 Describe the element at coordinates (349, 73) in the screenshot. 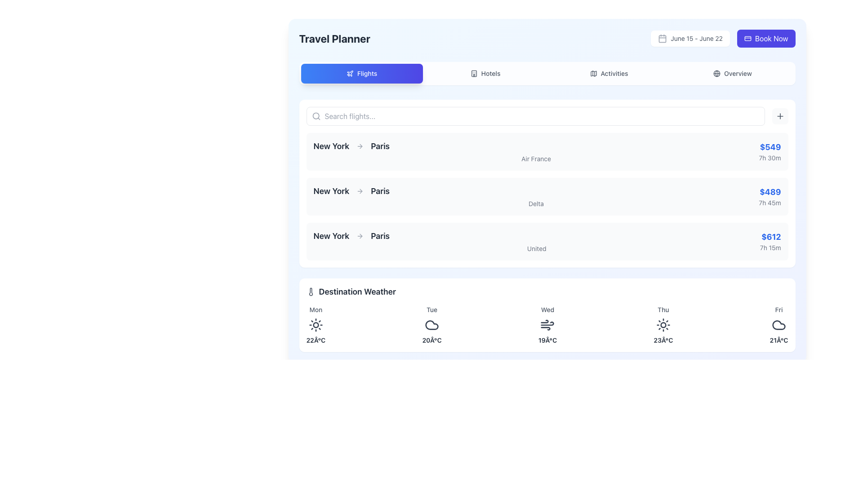

I see `the button labeled 'Flights' that contains the SVG icon representing flights or air travel, which is positioned second from the left in the menu bar` at that location.